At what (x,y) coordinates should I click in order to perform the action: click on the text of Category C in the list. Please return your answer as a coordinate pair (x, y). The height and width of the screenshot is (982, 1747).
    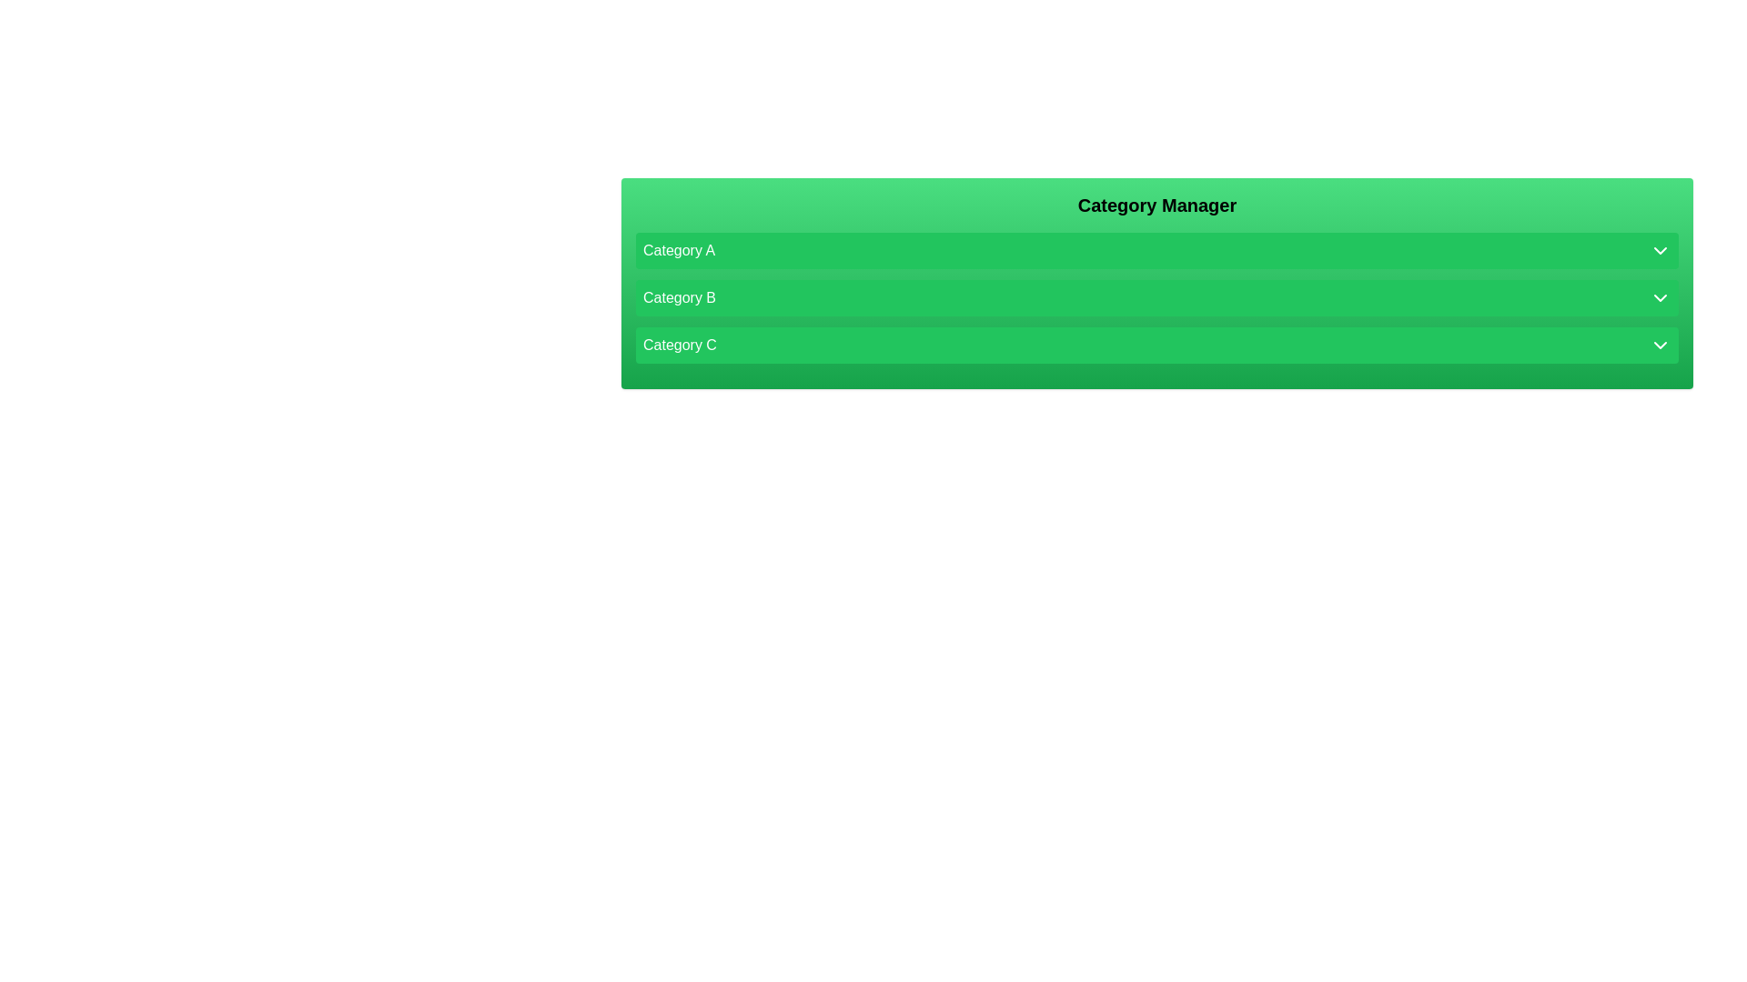
    Looking at the image, I should click on (1156, 346).